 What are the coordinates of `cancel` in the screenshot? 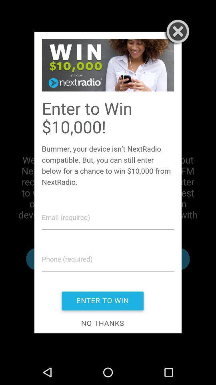 It's located at (176, 32).